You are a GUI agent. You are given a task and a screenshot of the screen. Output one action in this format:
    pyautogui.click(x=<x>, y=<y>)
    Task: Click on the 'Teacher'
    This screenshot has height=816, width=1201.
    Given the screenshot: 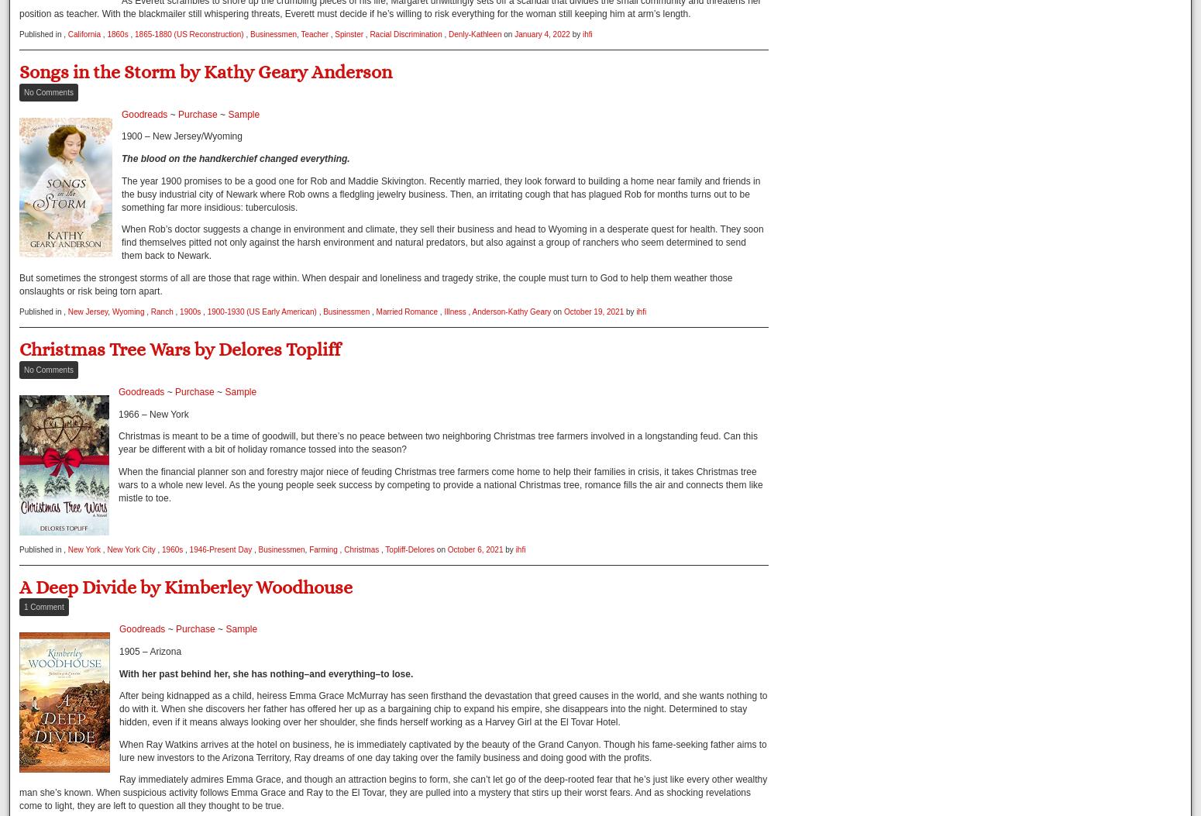 What is the action you would take?
    pyautogui.click(x=299, y=34)
    